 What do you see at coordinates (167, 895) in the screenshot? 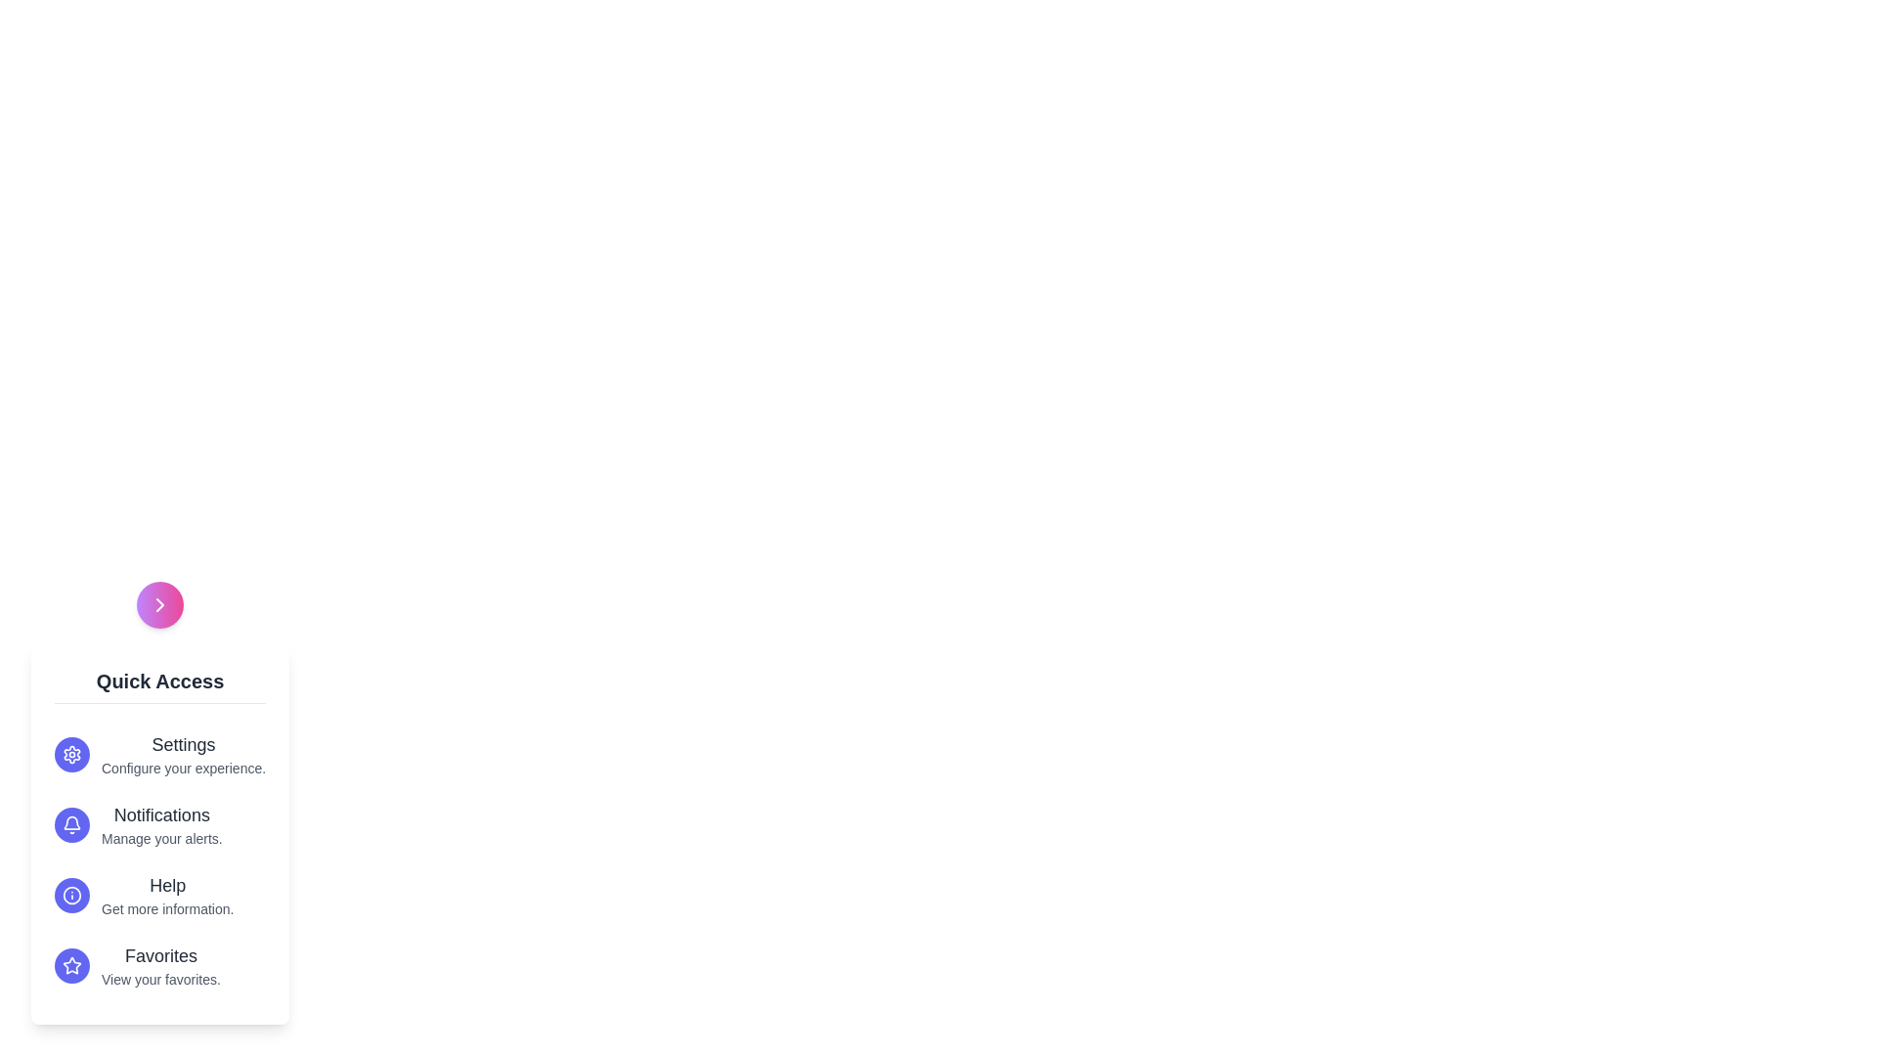
I see `the 'Help' option in the menu` at bounding box center [167, 895].